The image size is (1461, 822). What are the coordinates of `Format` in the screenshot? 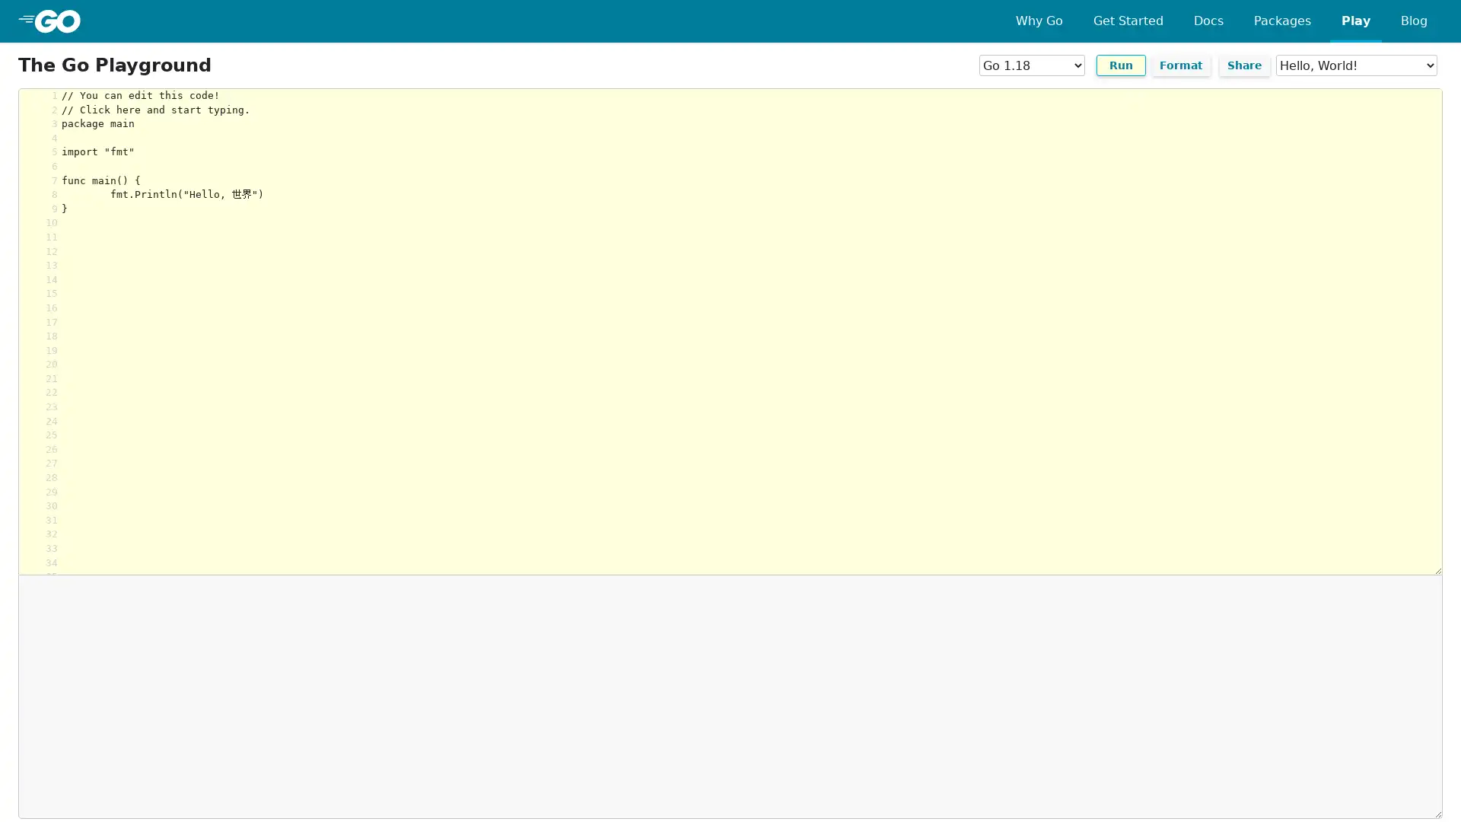 It's located at (1180, 64).